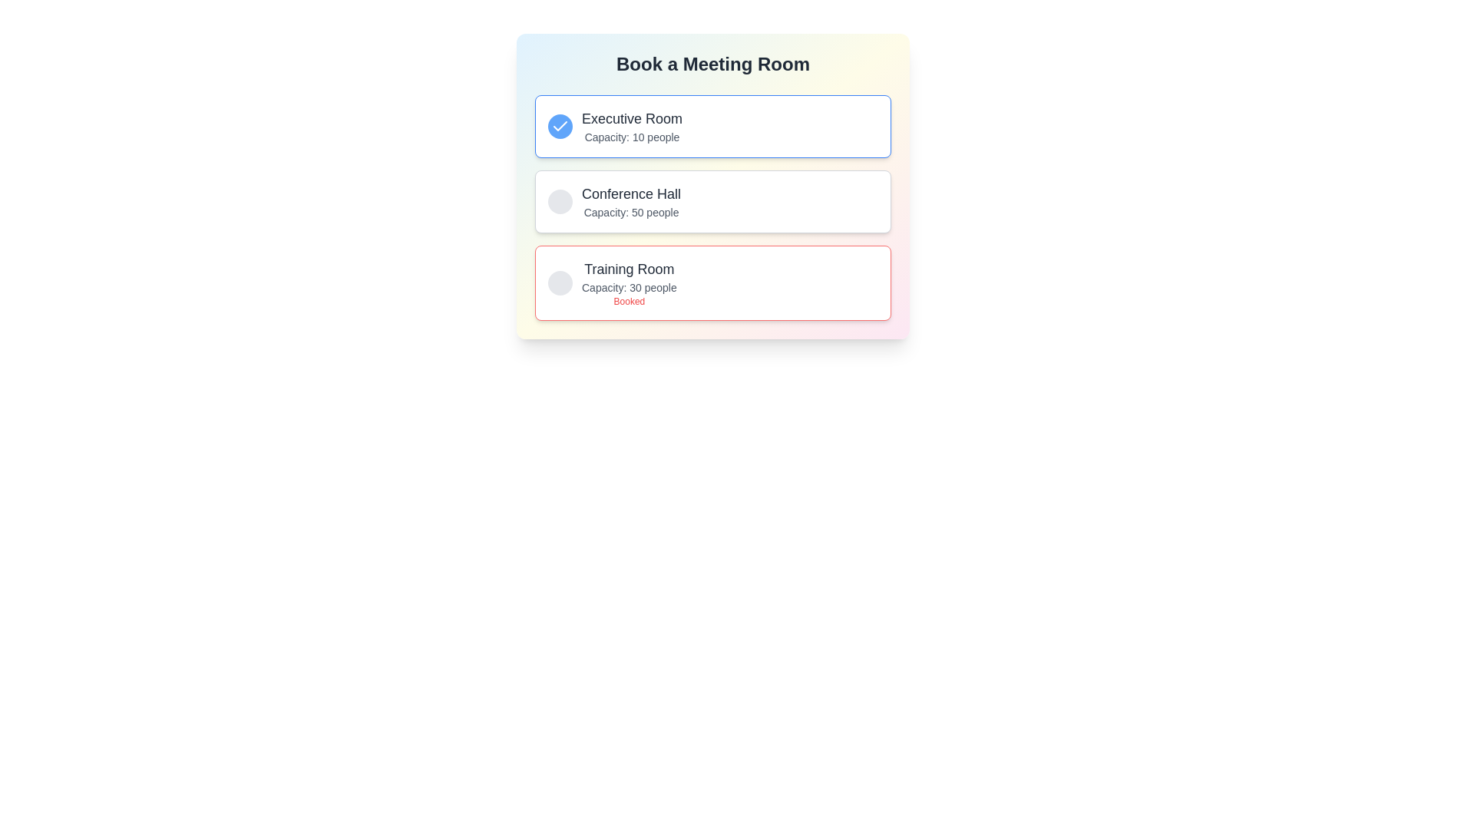 The height and width of the screenshot is (829, 1474). I want to click on static text displaying 'Capacity: 10 people' located below the 'Executive Room' title, which is styled in gray and smaller font size, so click(632, 136).